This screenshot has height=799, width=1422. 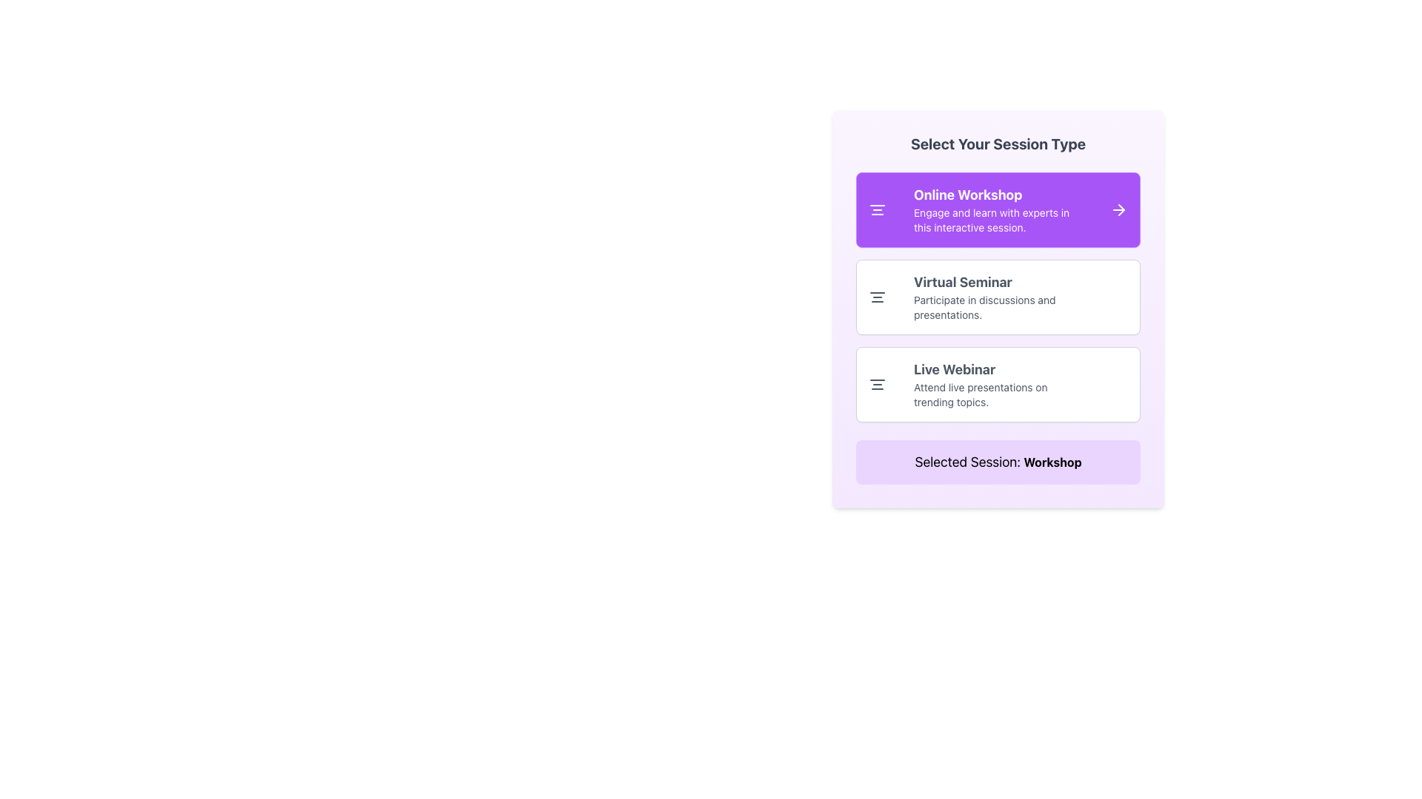 I want to click on the 'Virtual Seminar' selectable list entry located within the modal window below the header 'Select Your Session Type', so click(x=998, y=308).